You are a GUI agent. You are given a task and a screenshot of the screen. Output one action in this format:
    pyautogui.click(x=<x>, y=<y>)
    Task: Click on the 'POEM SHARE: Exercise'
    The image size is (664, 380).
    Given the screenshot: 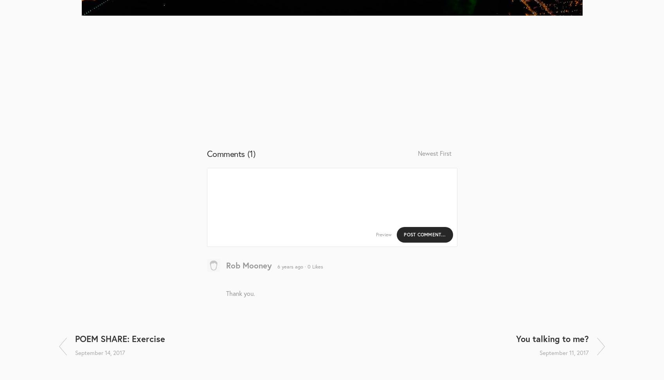 What is the action you would take?
    pyautogui.click(x=119, y=339)
    